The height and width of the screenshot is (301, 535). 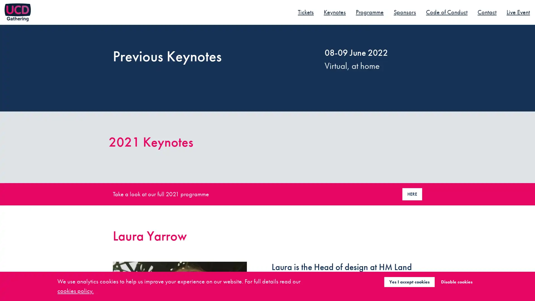 I want to click on Yes I accept cookies, so click(x=409, y=281).